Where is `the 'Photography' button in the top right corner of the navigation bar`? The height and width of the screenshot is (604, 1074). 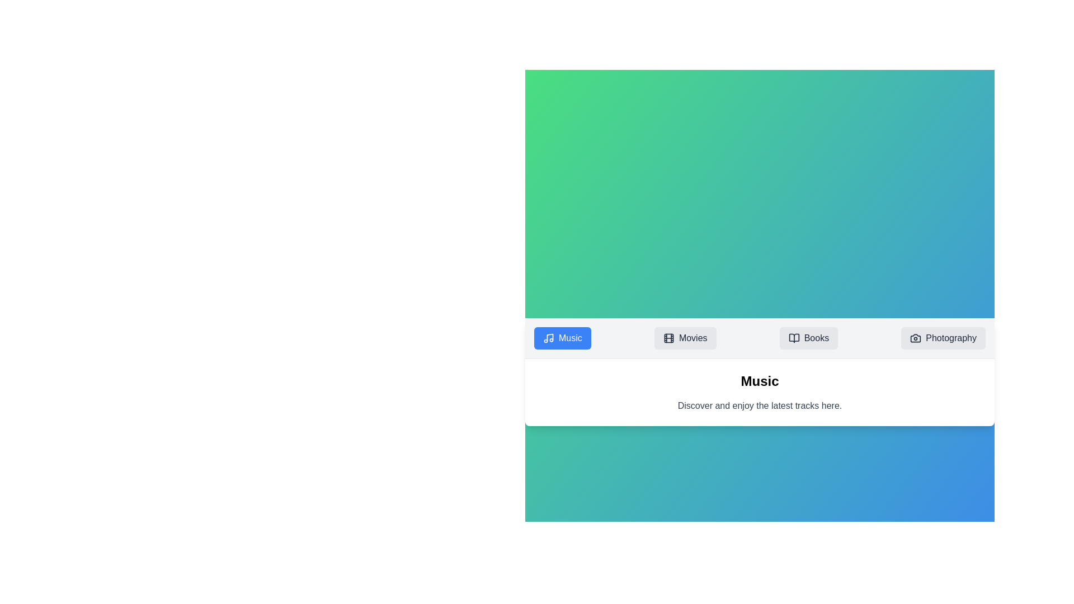
the 'Photography' button in the top right corner of the navigation bar is located at coordinates (943, 337).